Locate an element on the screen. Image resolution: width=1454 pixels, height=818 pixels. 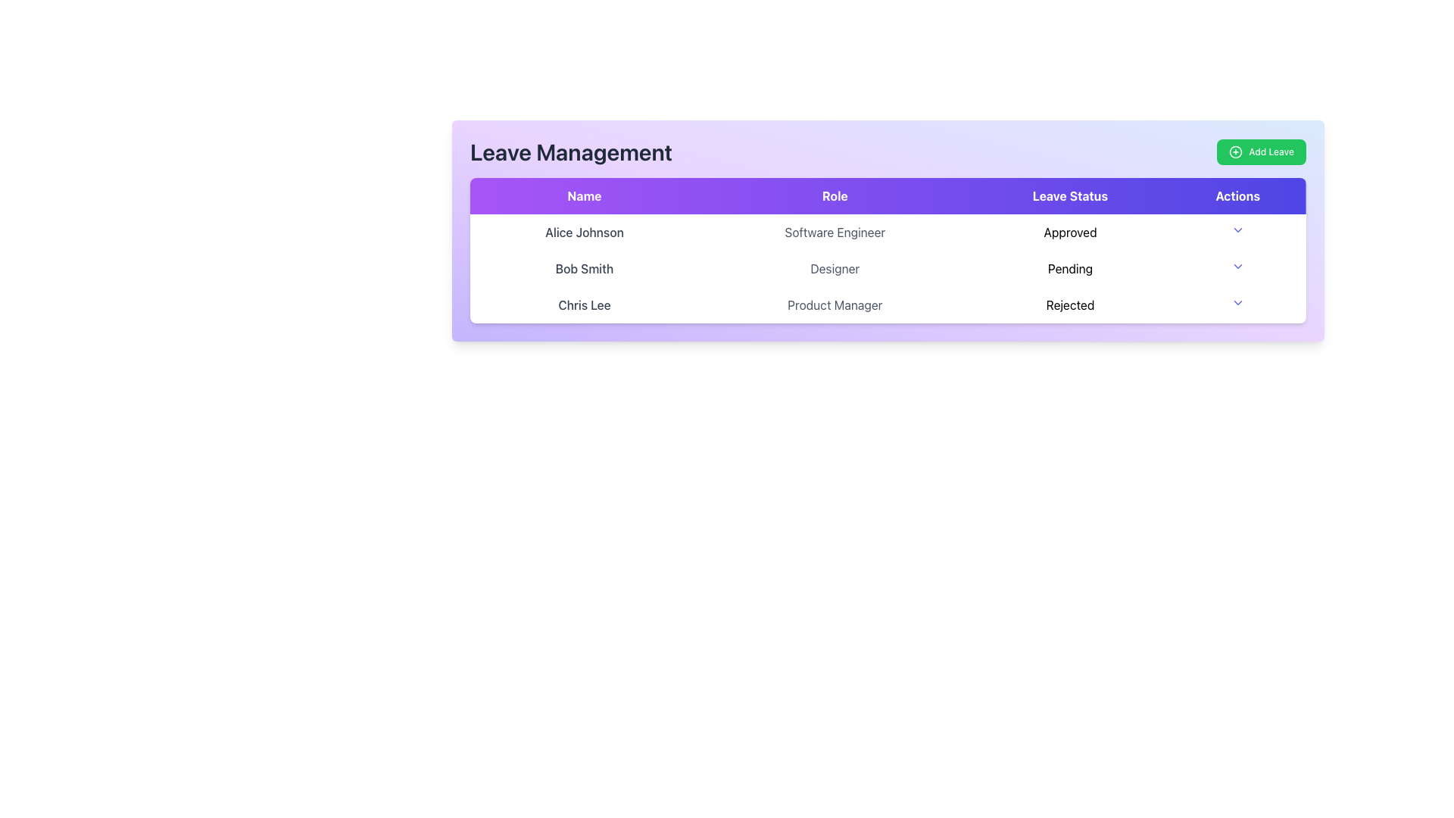
the indigo downward-pointing chevron icon located in the 'Actions' column of the second row is located at coordinates (1237, 265).